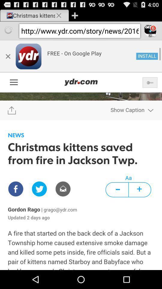 The image size is (162, 289). I want to click on new tab, so click(75, 15).